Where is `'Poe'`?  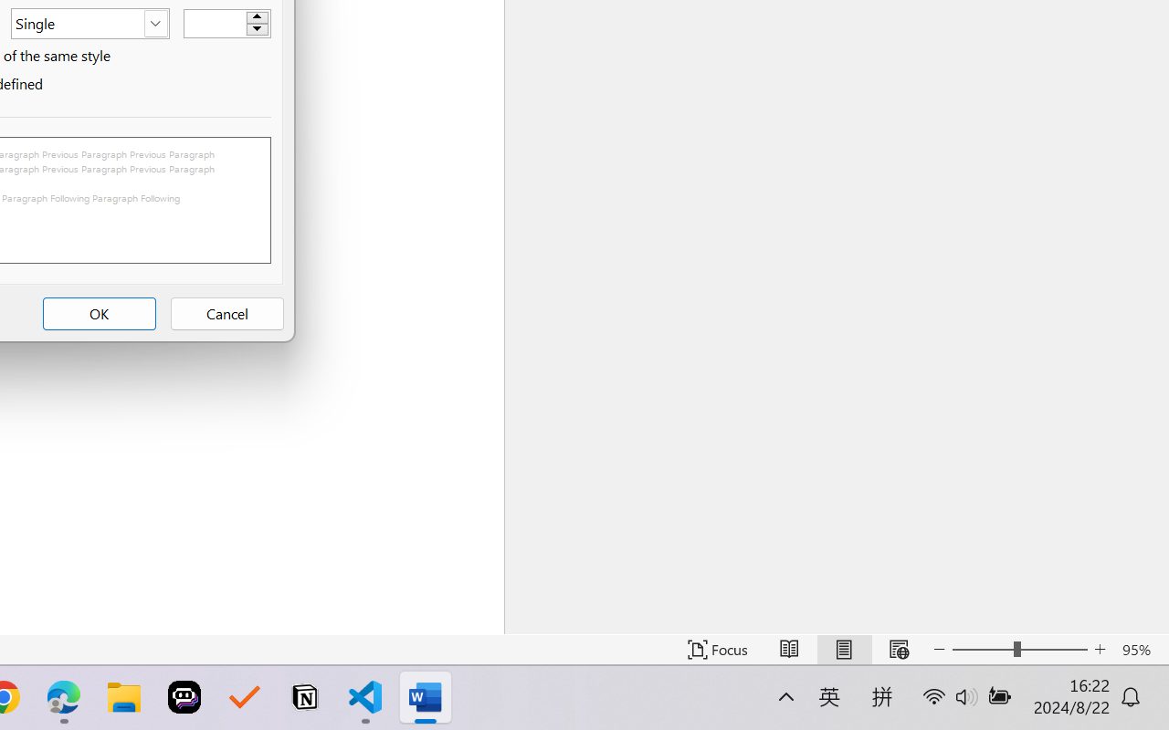
'Poe' is located at coordinates (184, 697).